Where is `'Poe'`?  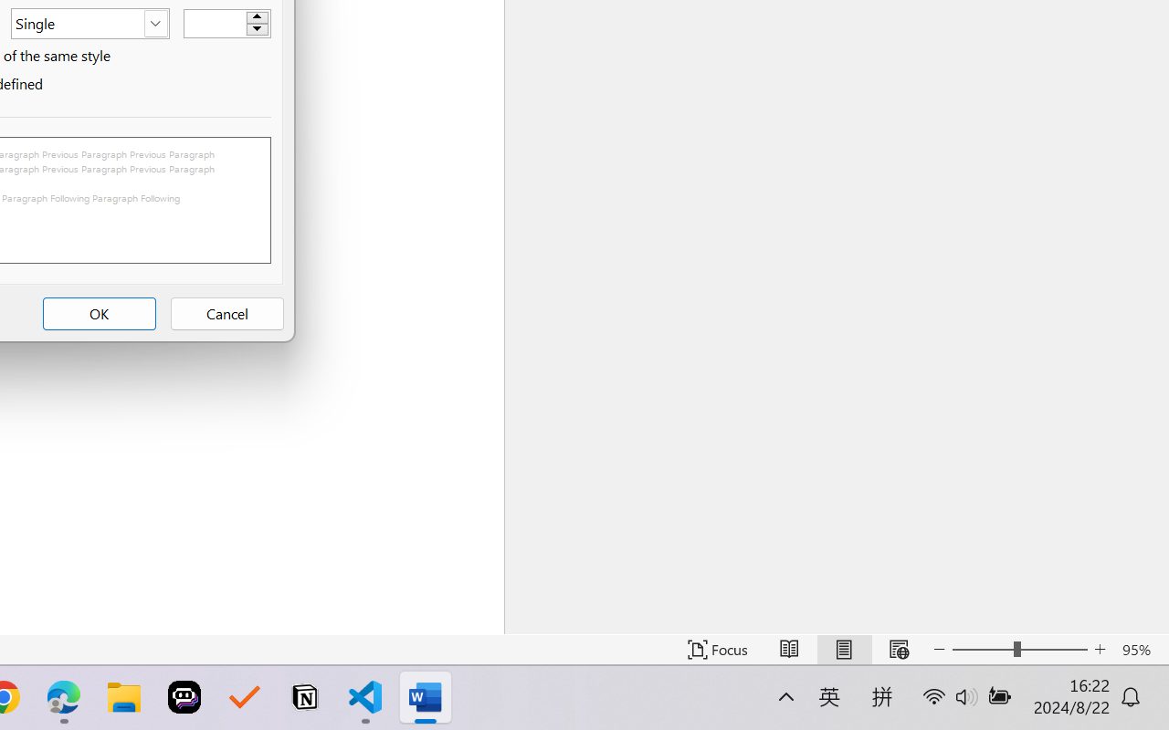
'Poe' is located at coordinates (184, 697).